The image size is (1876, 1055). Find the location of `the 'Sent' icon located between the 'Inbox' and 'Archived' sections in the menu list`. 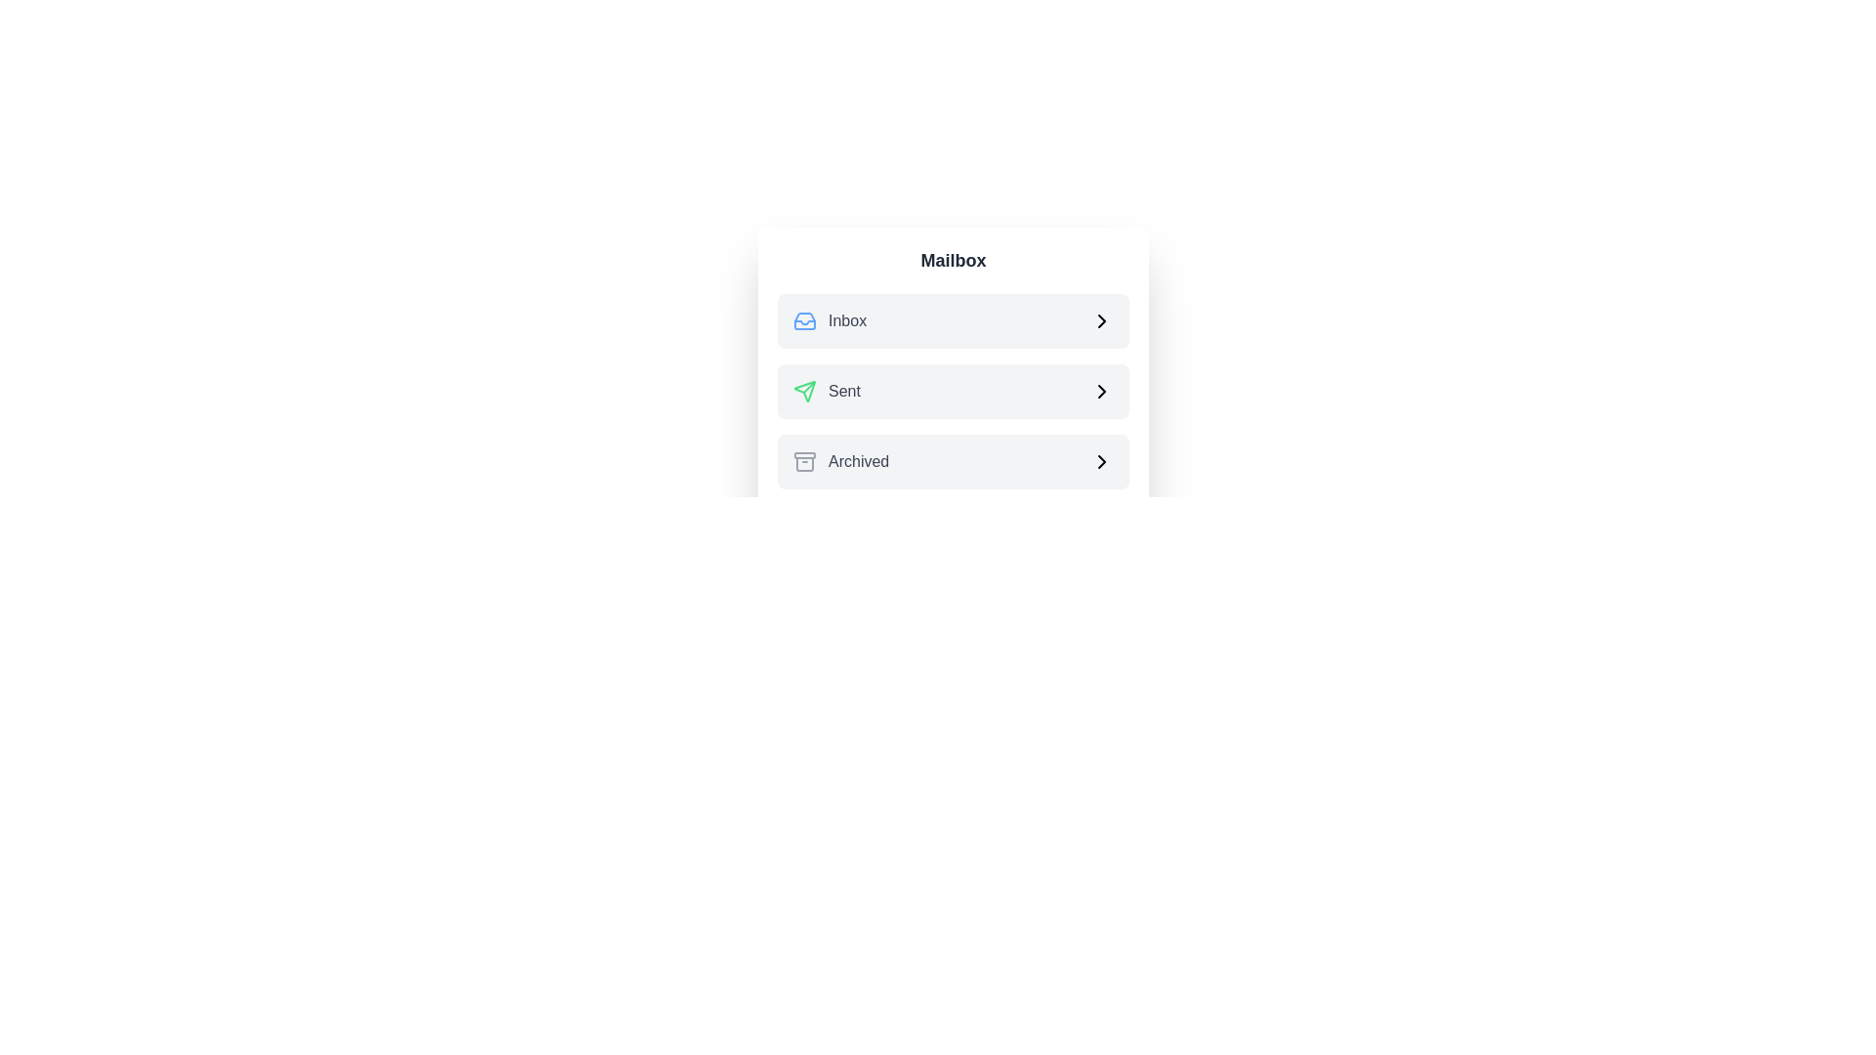

the 'Sent' icon located between the 'Inbox' and 'Archived' sections in the menu list is located at coordinates (805, 392).